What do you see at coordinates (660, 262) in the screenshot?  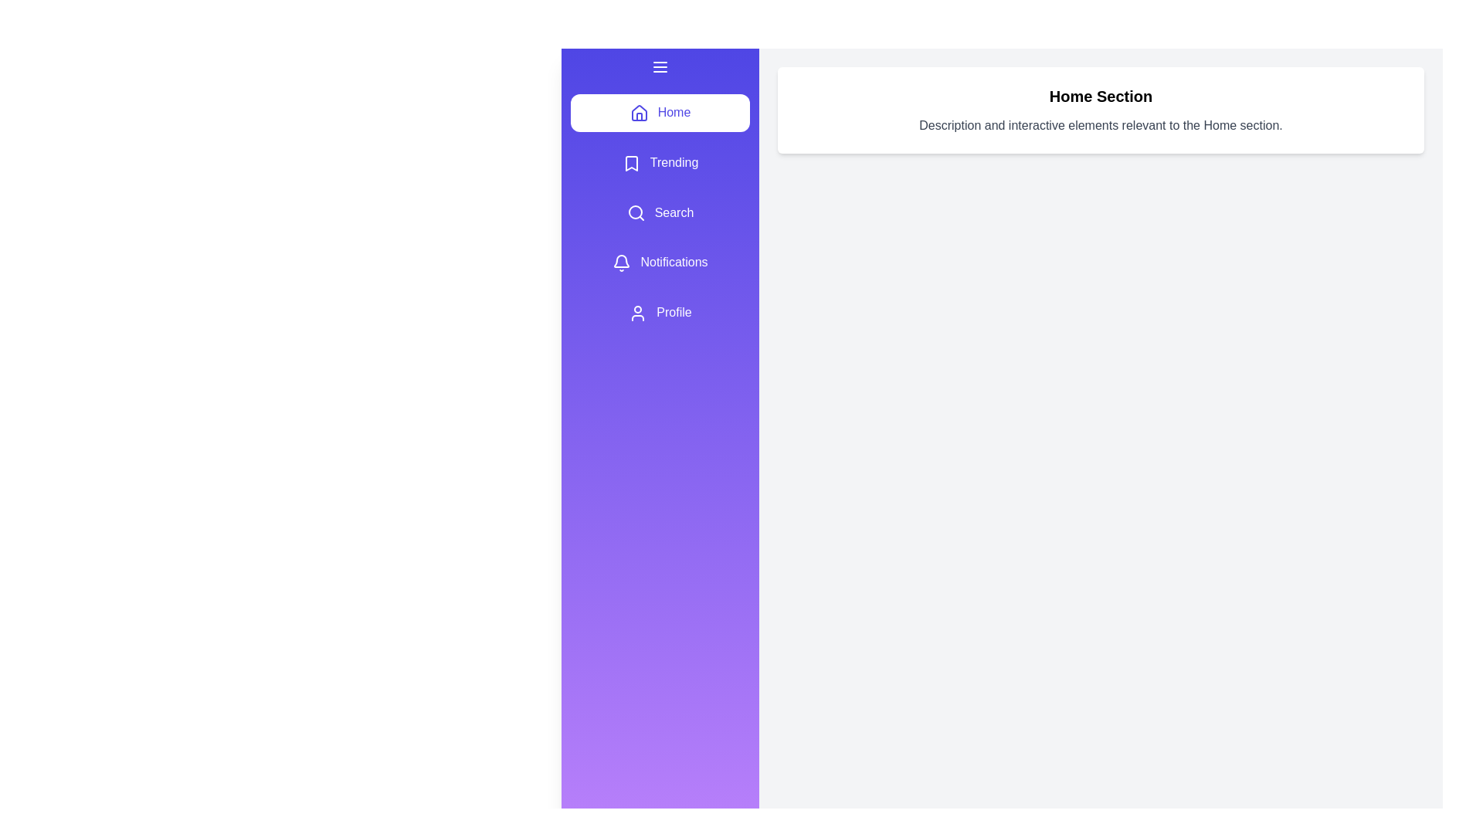 I see `the navigation option Notifications by clicking on it` at bounding box center [660, 262].